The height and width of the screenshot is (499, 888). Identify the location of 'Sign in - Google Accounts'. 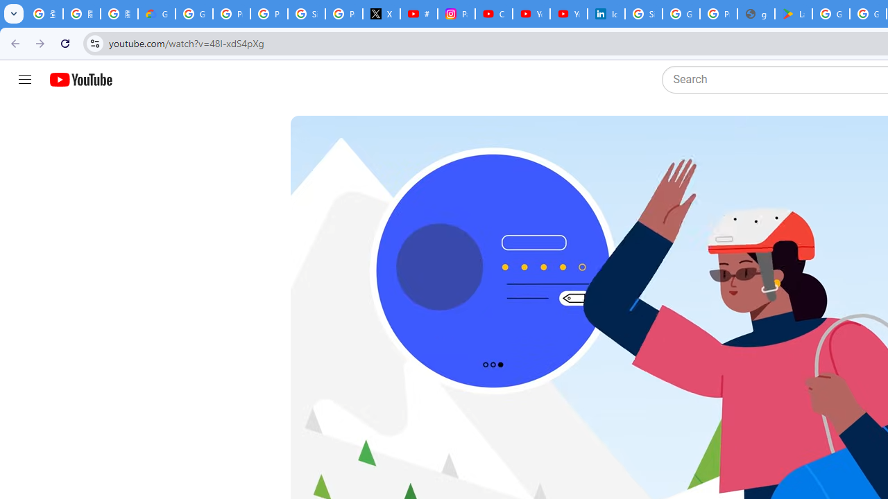
(643, 14).